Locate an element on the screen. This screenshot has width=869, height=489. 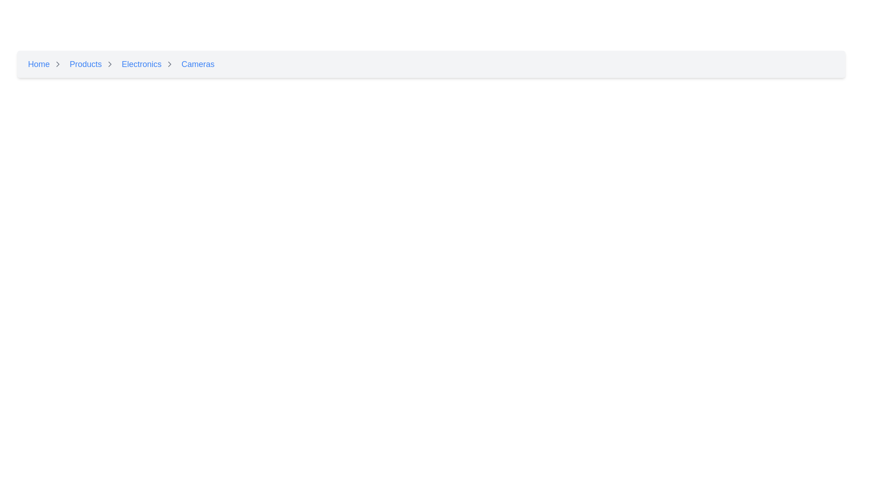
the 'Products' hyperlink in the breadcrumb navigation is located at coordinates (94, 64).